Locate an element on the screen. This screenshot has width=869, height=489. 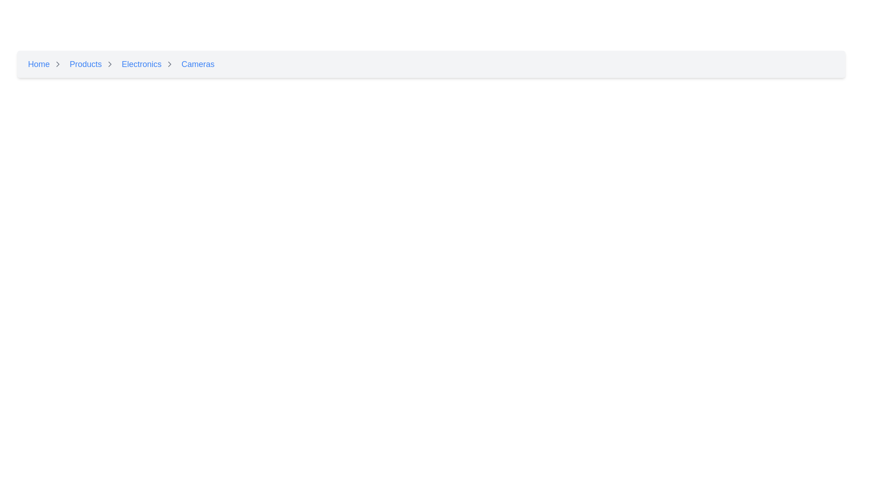
the 'Products' hyperlink in the breadcrumb navigation is located at coordinates (94, 64).